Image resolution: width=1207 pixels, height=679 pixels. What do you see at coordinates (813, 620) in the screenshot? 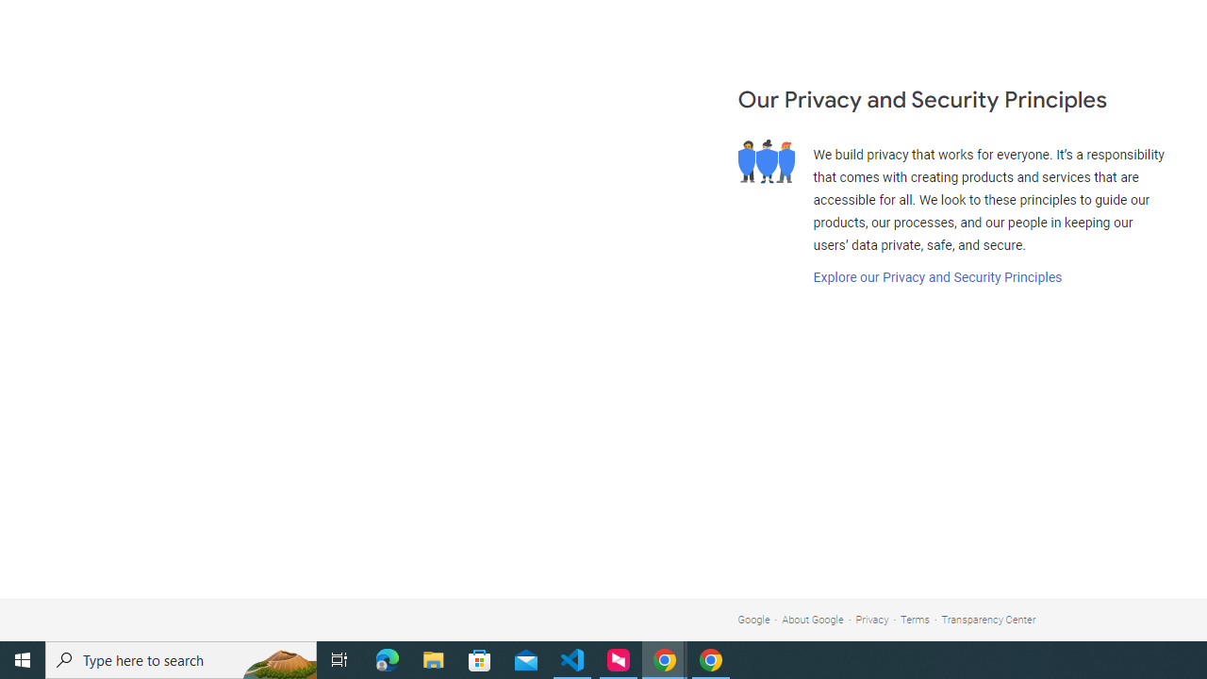
I see `'About Google'` at bounding box center [813, 620].